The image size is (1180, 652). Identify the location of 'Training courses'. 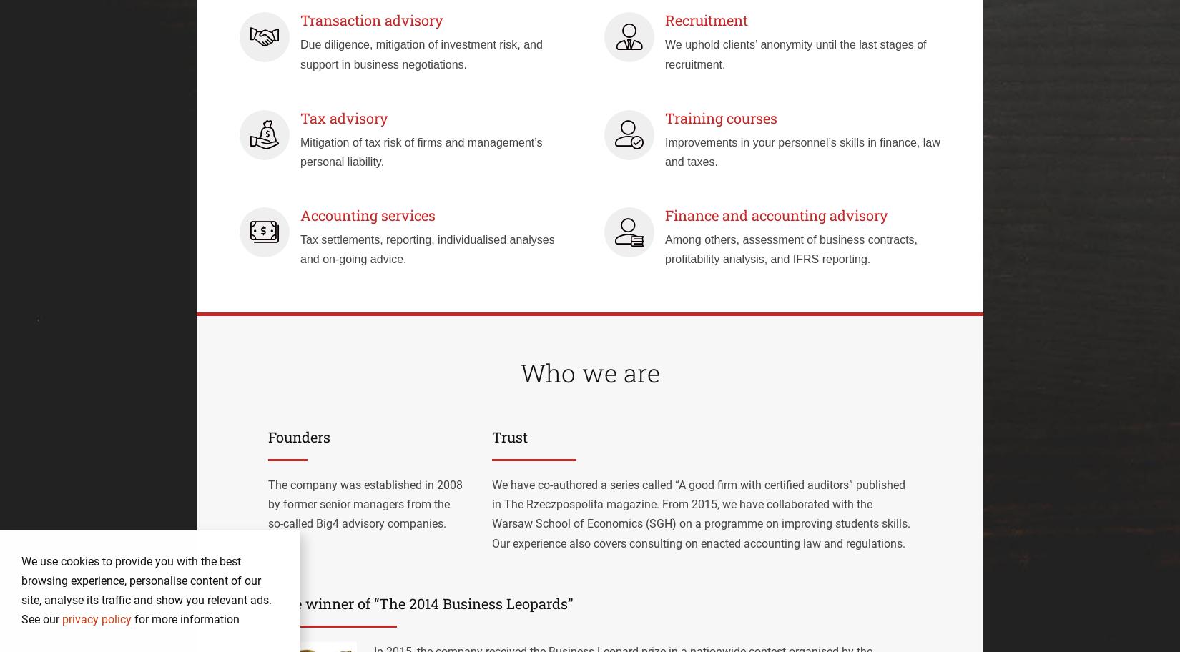
(664, 117).